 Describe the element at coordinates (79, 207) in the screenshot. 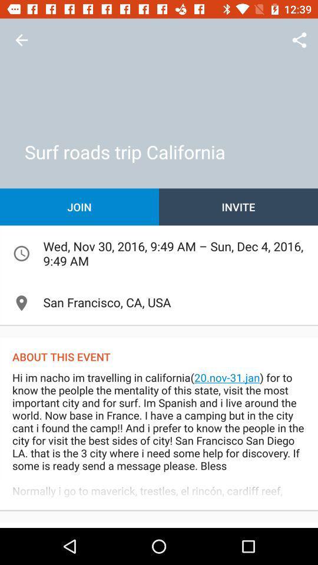

I see `the join item` at that location.